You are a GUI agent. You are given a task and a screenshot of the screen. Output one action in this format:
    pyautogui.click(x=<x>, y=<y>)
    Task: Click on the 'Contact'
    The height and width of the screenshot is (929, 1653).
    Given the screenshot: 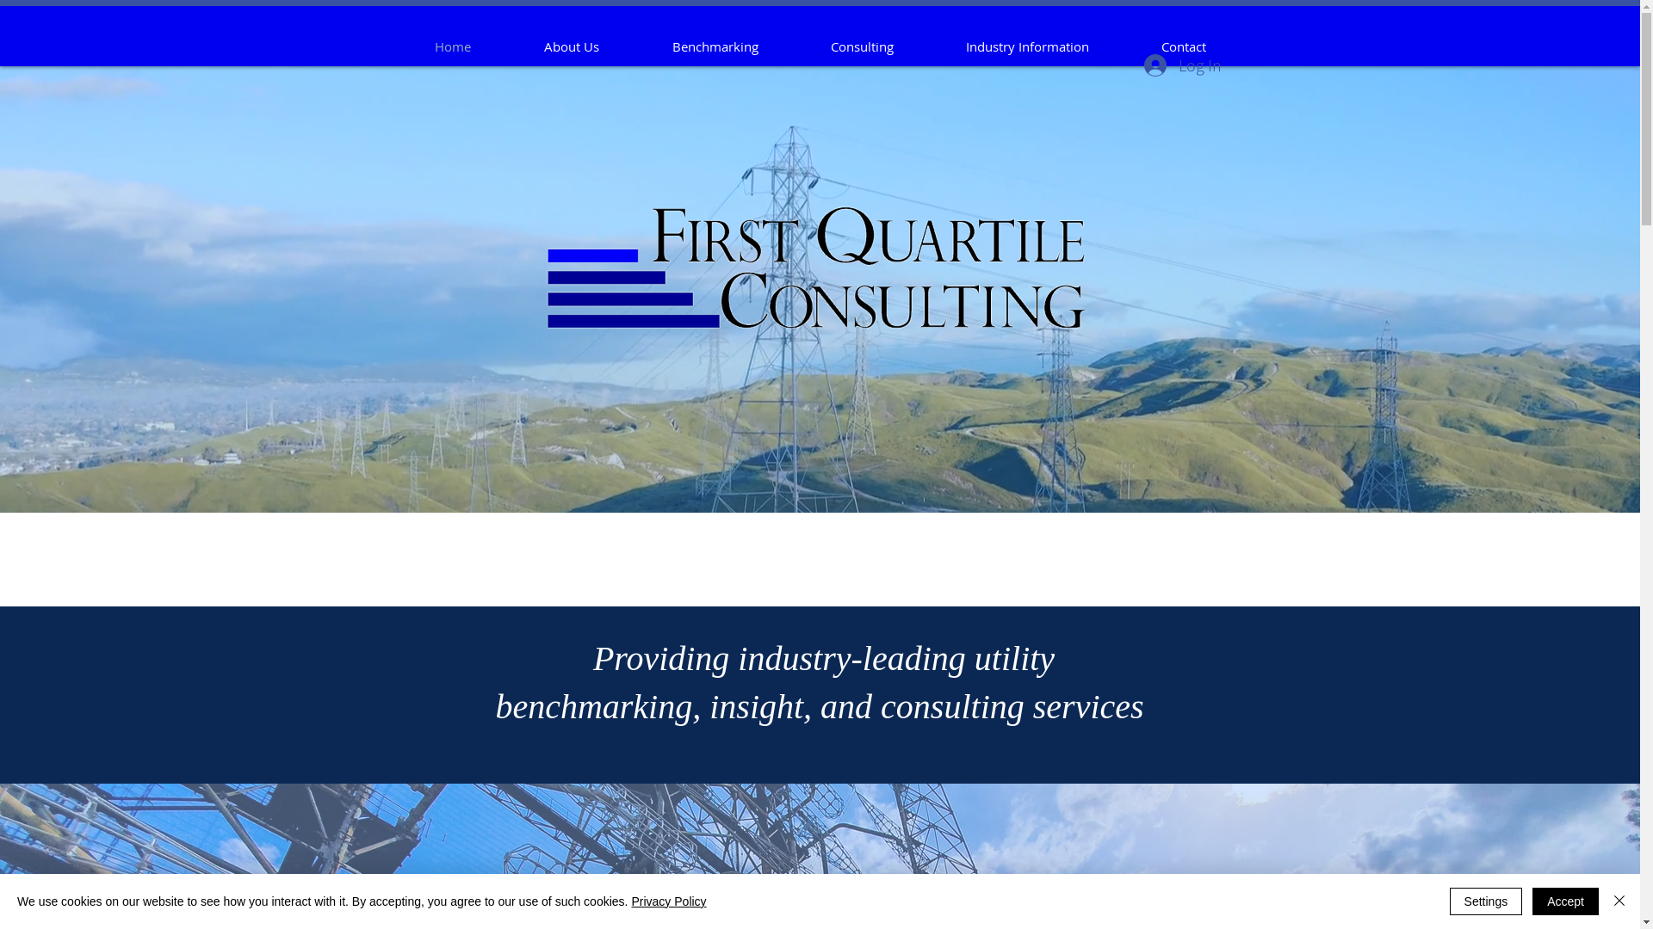 What is the action you would take?
    pyautogui.click(x=1181, y=46)
    